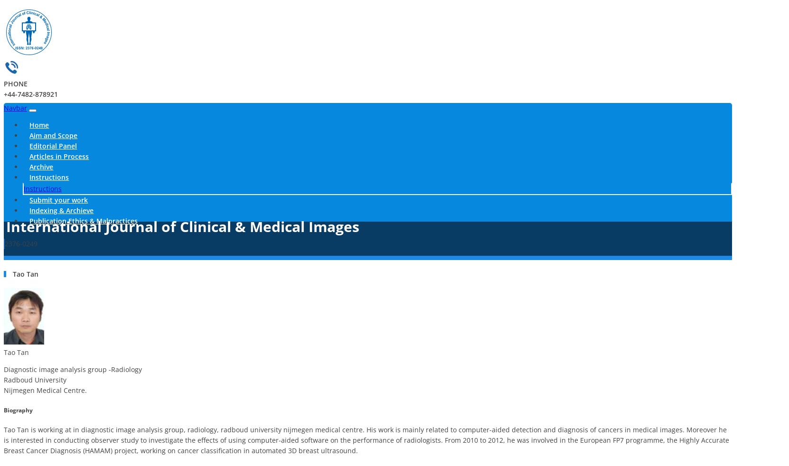 This screenshot has height=466, width=789. Describe the element at coordinates (45, 390) in the screenshot. I see `'Nijmegen Medical Centre.'` at that location.